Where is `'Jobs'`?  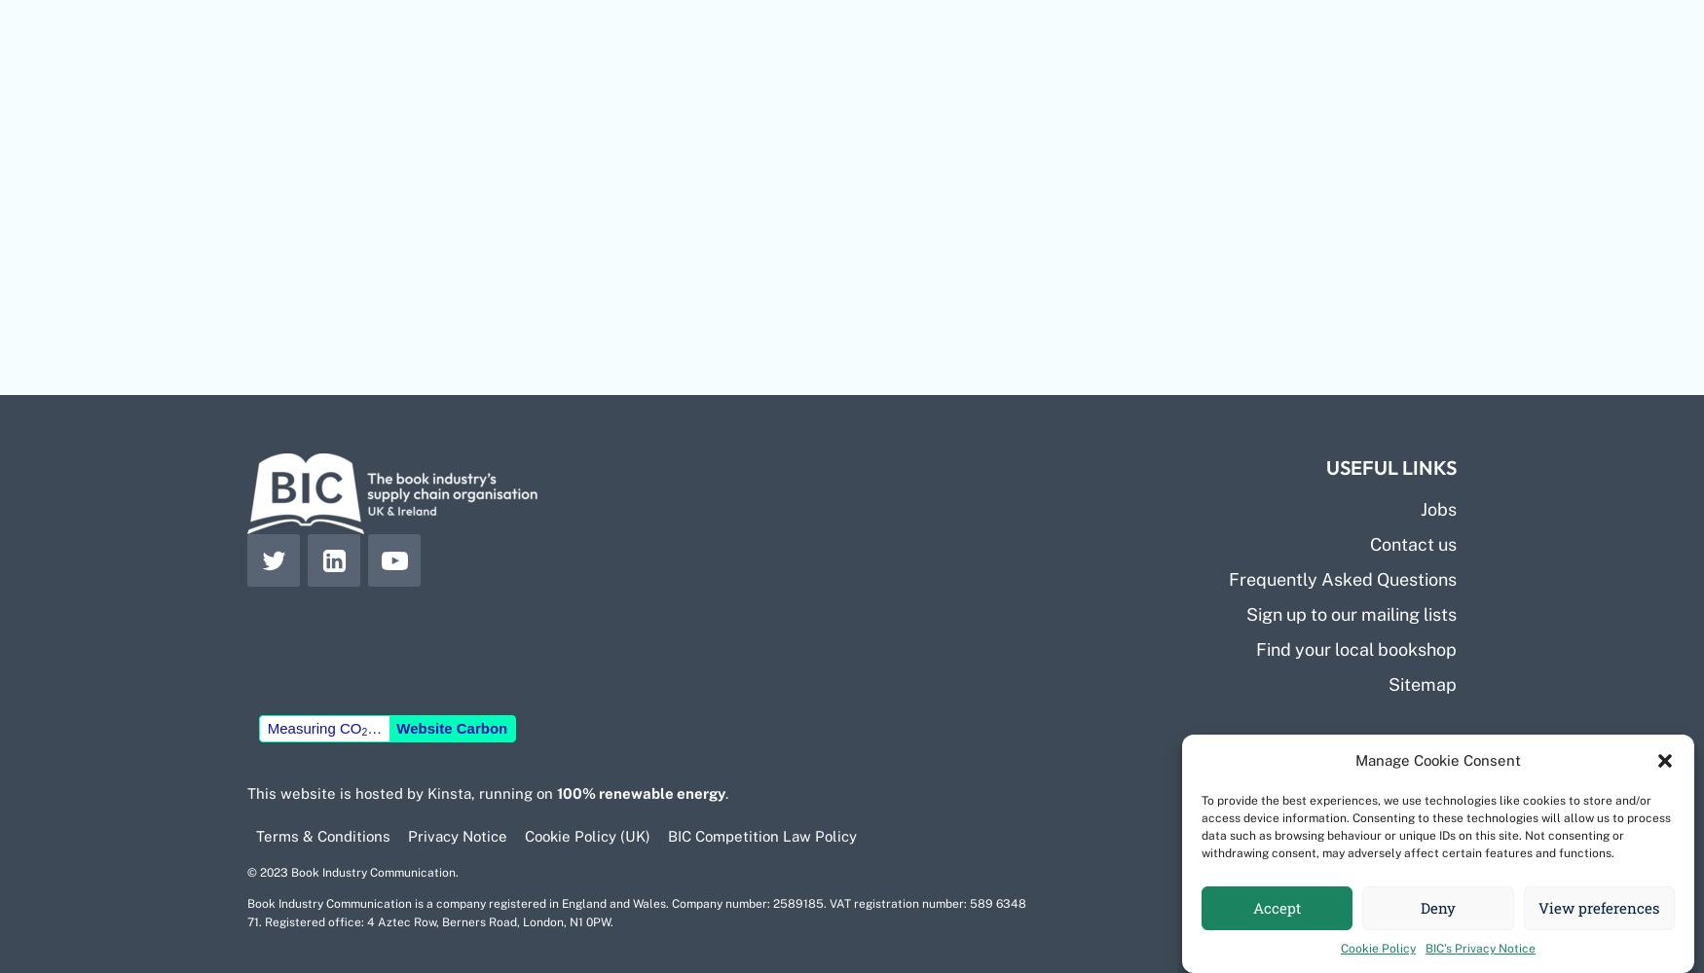
'Jobs' is located at coordinates (1438, 508).